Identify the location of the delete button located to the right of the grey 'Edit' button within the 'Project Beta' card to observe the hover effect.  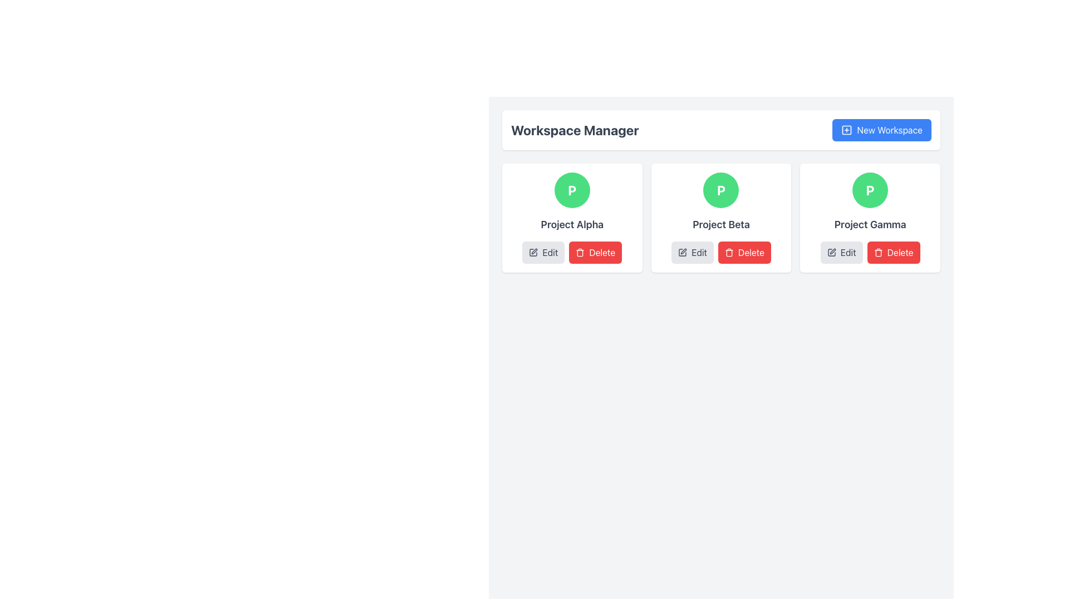
(744, 253).